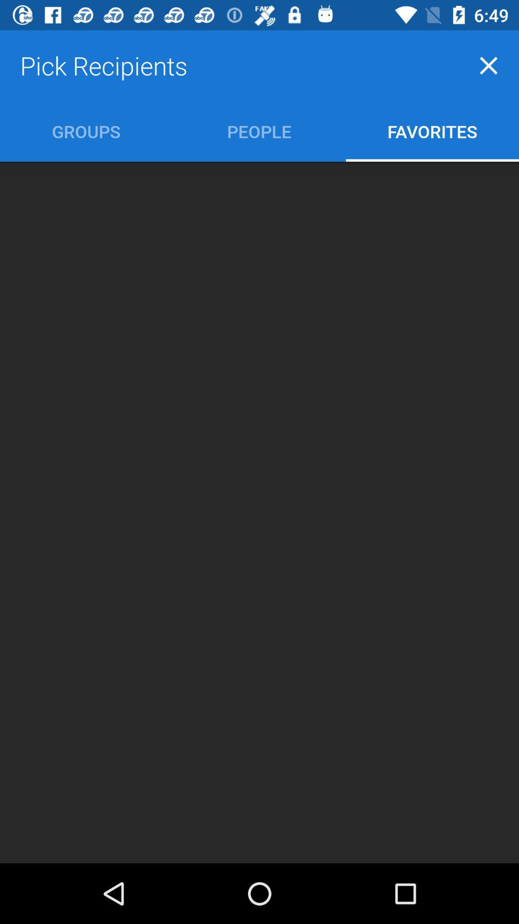  Describe the element at coordinates (259, 131) in the screenshot. I see `people icon` at that location.